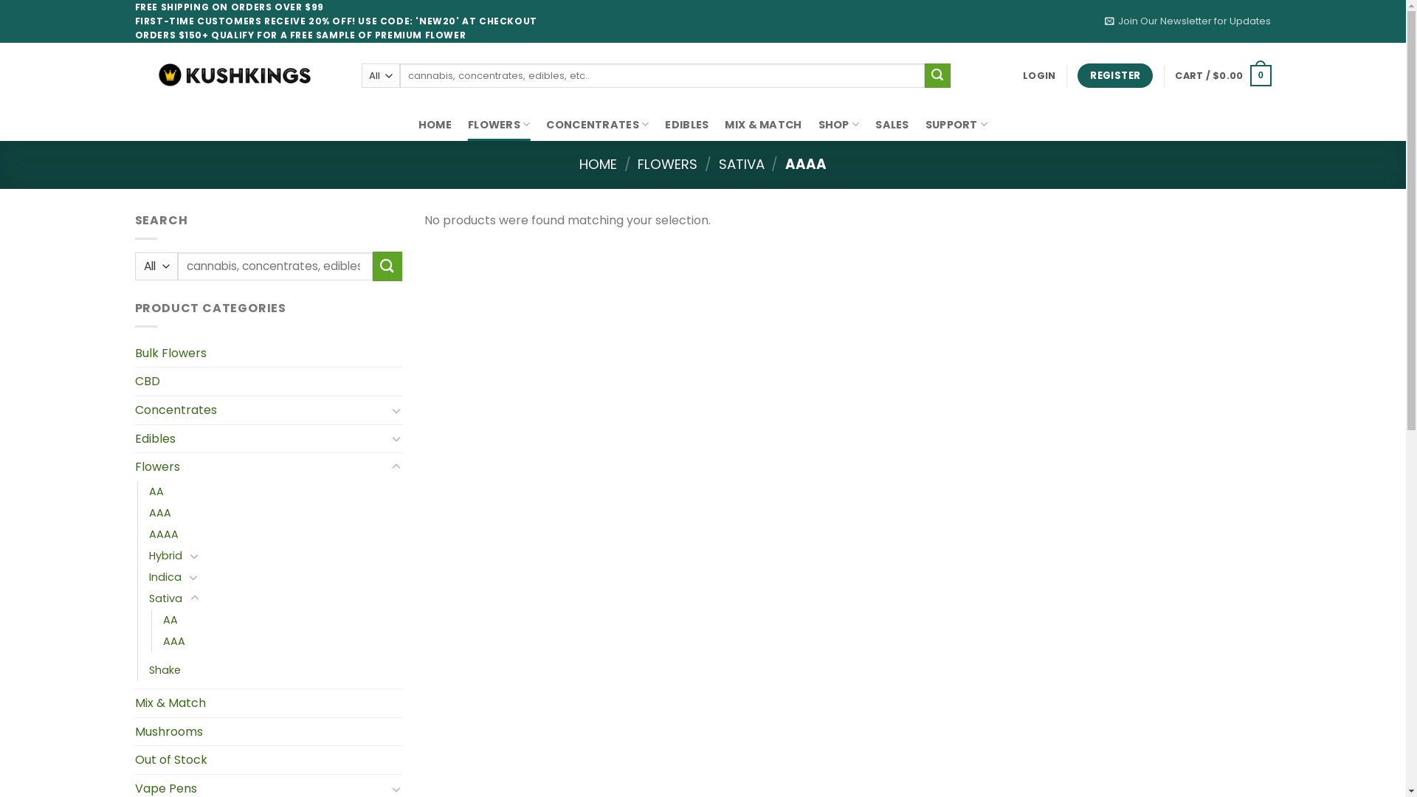  What do you see at coordinates (268, 702) in the screenshot?
I see `'Mix & Match'` at bounding box center [268, 702].